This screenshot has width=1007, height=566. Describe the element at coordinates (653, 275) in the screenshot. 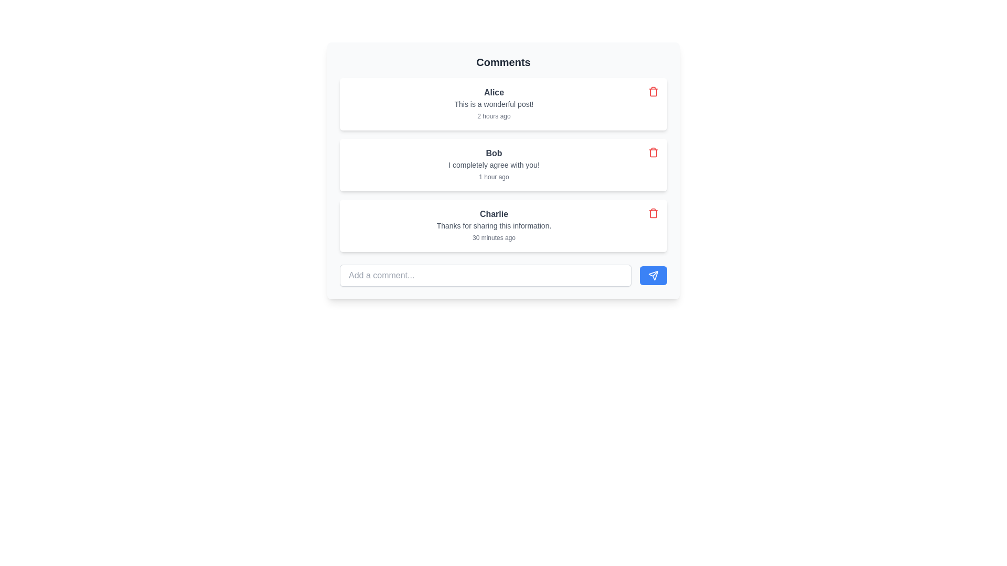

I see `the blue rectangular button with a white upward arrow icon in the bottom-right corner of the comment section to send a comment` at that location.